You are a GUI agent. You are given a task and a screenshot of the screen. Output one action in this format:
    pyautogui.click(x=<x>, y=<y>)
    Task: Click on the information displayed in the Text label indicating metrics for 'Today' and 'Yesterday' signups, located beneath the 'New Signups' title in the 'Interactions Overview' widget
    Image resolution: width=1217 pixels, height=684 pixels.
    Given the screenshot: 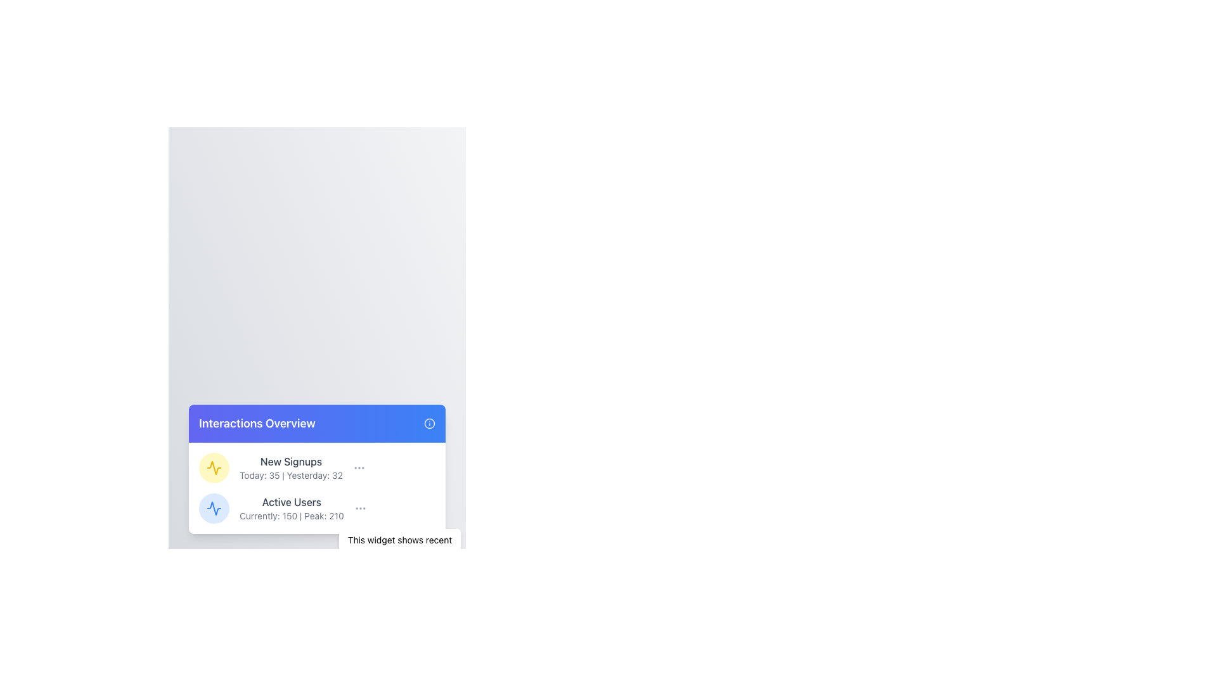 What is the action you would take?
    pyautogui.click(x=290, y=476)
    